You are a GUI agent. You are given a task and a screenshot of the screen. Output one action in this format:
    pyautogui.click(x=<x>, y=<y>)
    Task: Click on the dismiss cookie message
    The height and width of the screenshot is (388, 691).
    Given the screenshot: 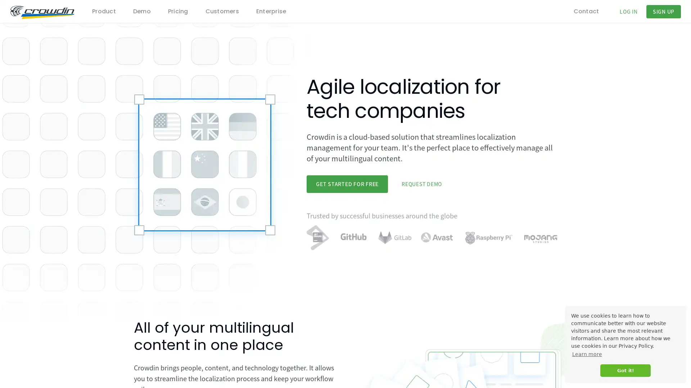 What is the action you would take?
    pyautogui.click(x=625, y=370)
    